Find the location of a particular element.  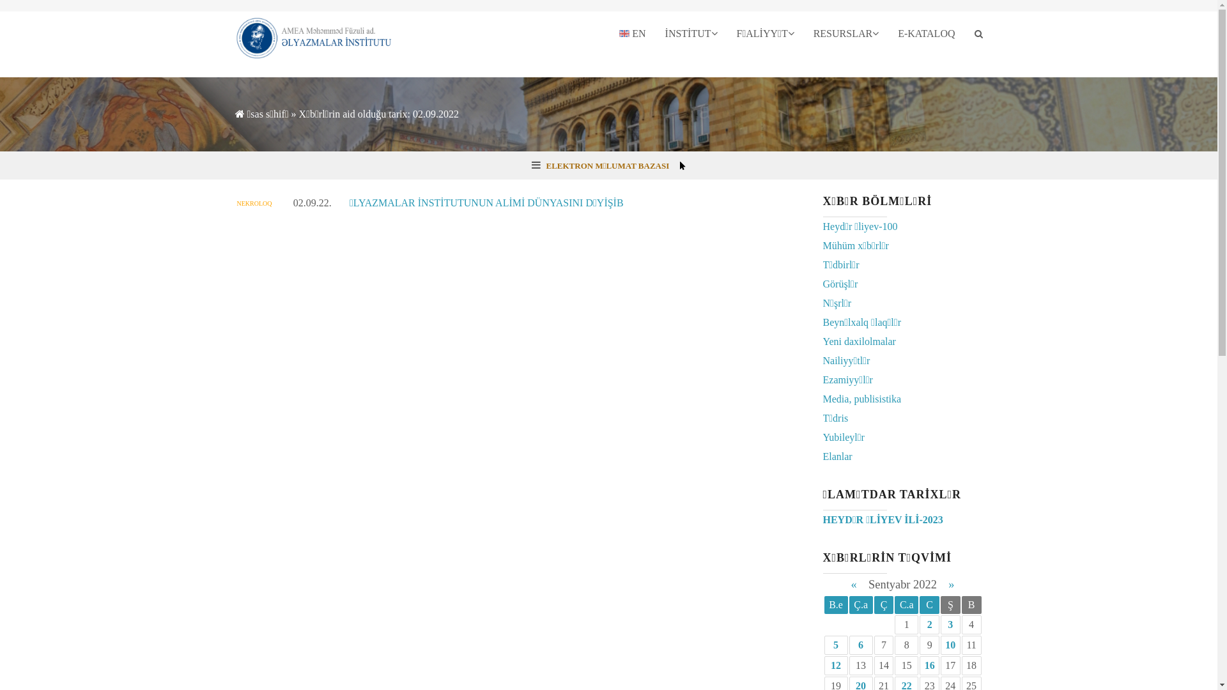

'2' is located at coordinates (929, 624).